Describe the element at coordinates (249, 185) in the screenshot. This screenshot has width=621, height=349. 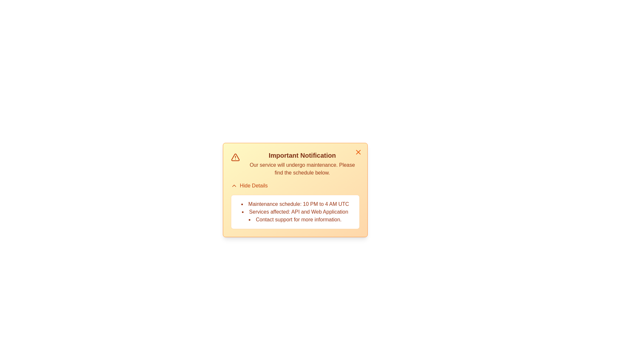
I see `the 'Hide Details' button to toggle the visibility of the alert details` at that location.